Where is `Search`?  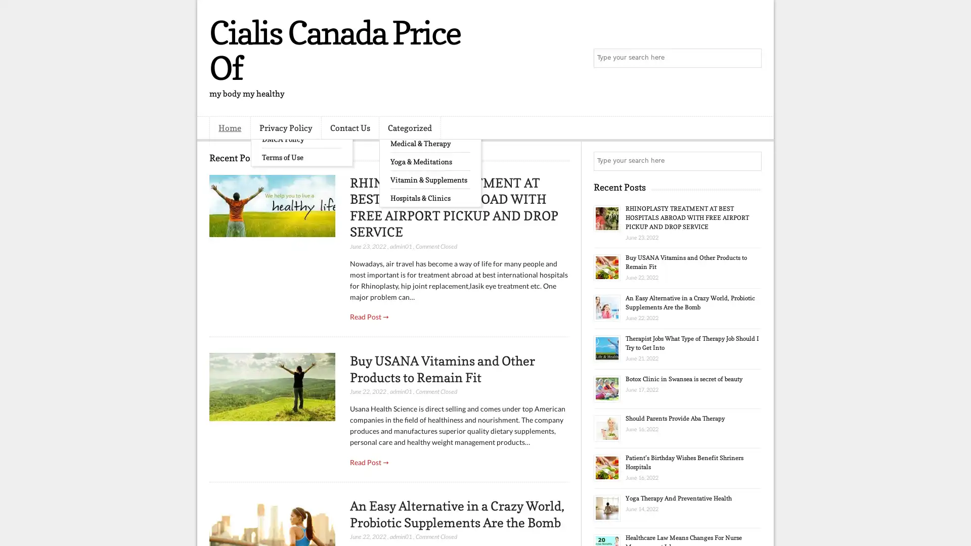 Search is located at coordinates (751, 58).